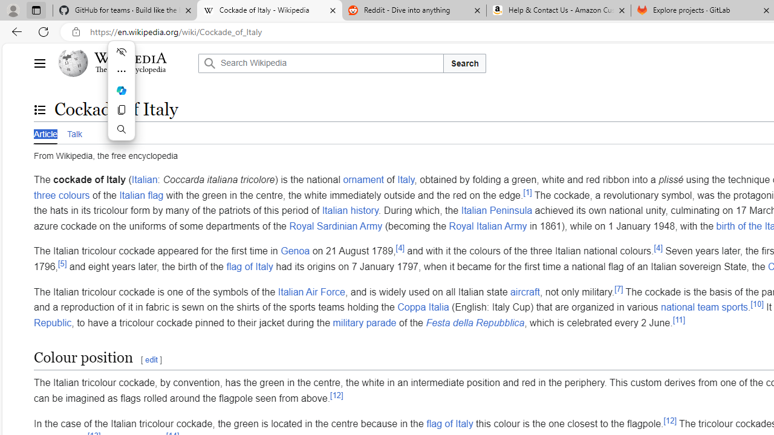 The image size is (774, 435). Describe the element at coordinates (268, 10) in the screenshot. I see `'Cockade of Italy - Wikipedia'` at that location.